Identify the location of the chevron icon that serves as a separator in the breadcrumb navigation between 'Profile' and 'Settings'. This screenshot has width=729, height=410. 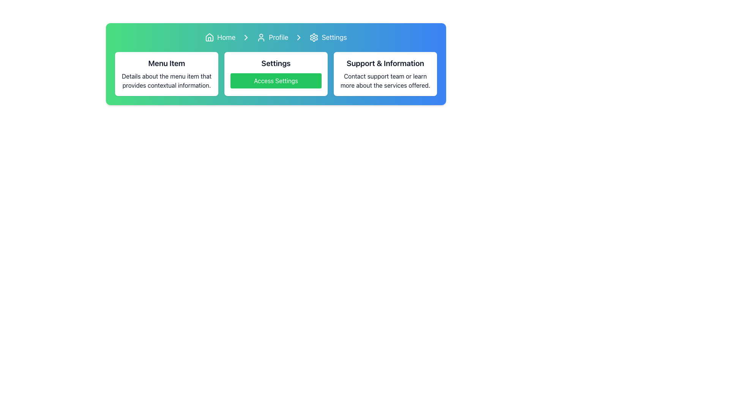
(298, 38).